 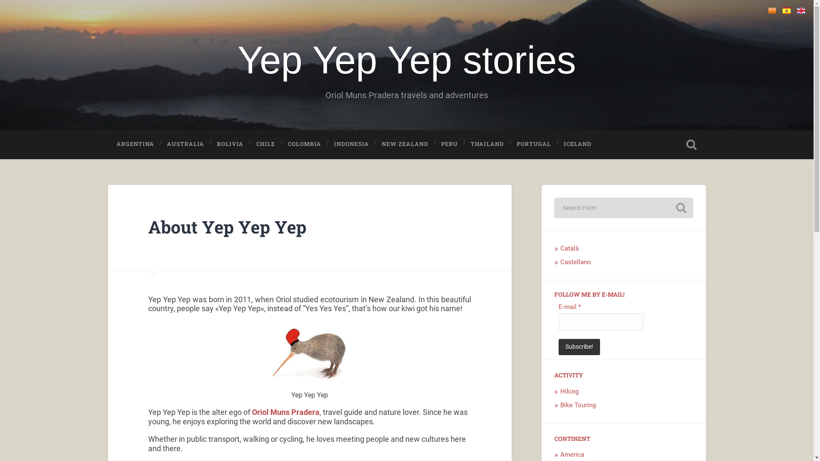 What do you see at coordinates (533, 143) in the screenshot?
I see `'PORTUGAL'` at bounding box center [533, 143].